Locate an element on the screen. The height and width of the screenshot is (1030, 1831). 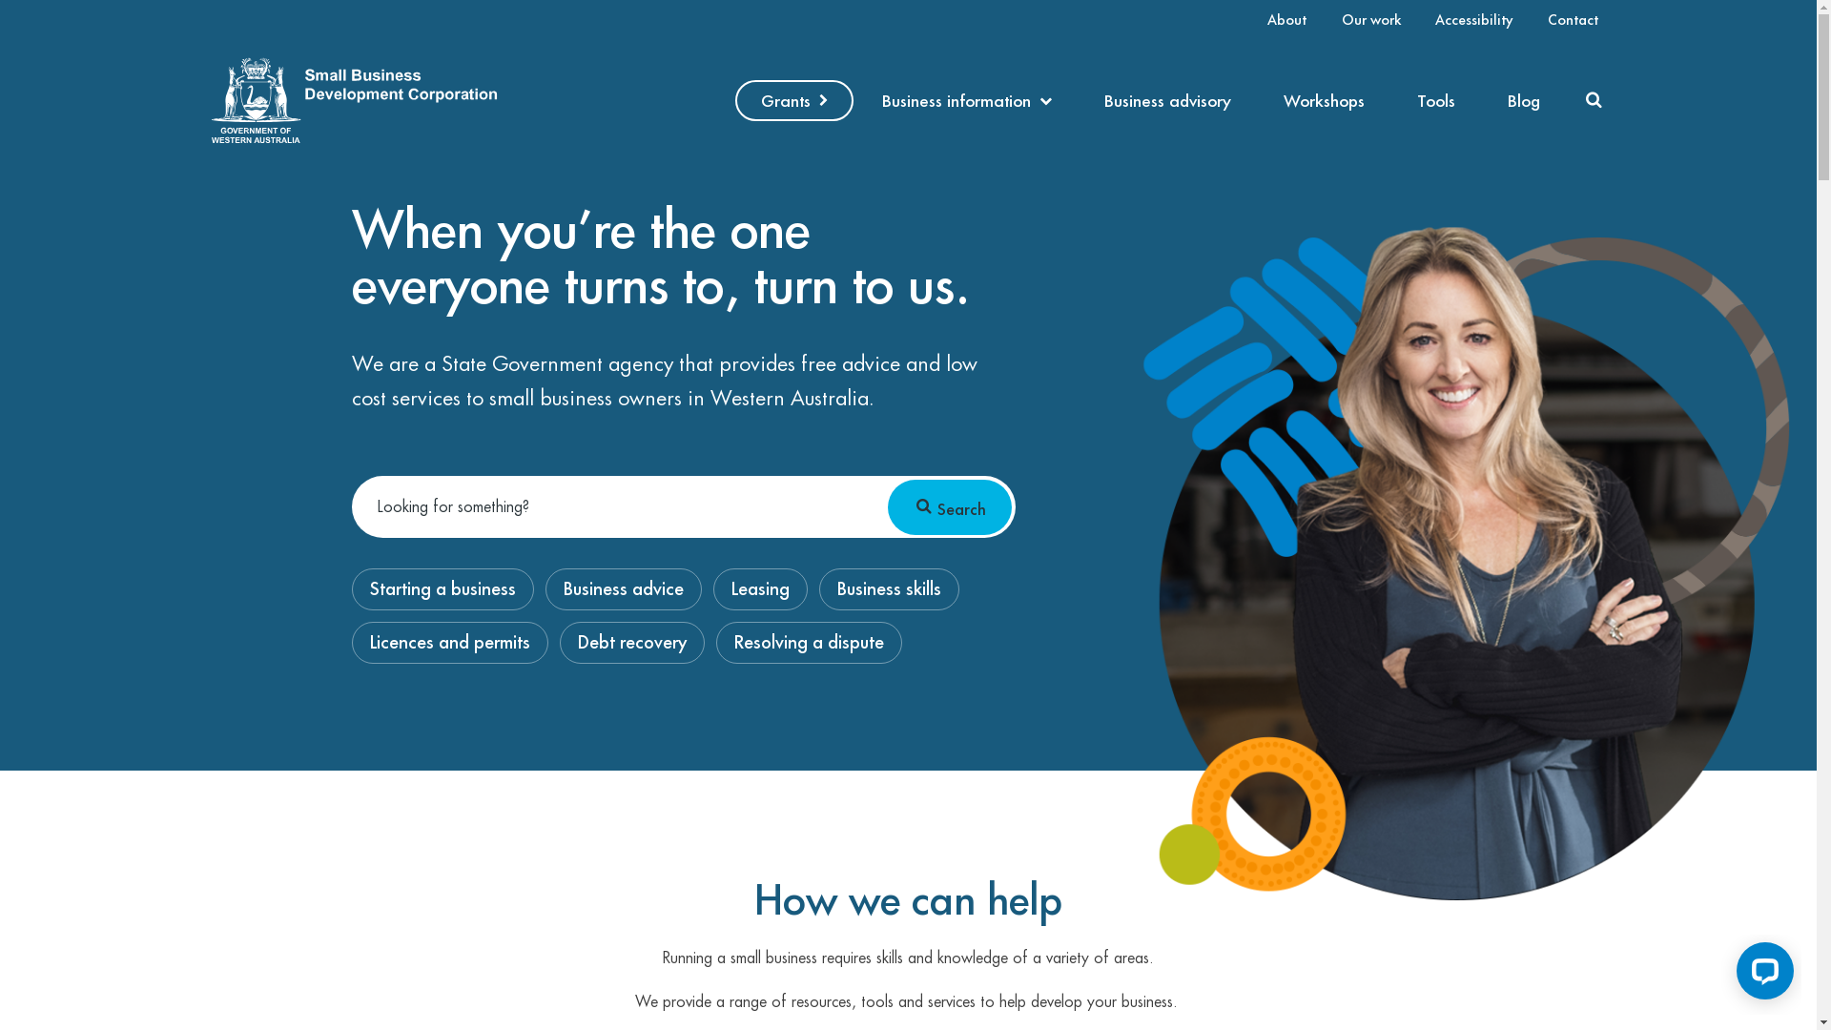
'About' is located at coordinates (1286, 20).